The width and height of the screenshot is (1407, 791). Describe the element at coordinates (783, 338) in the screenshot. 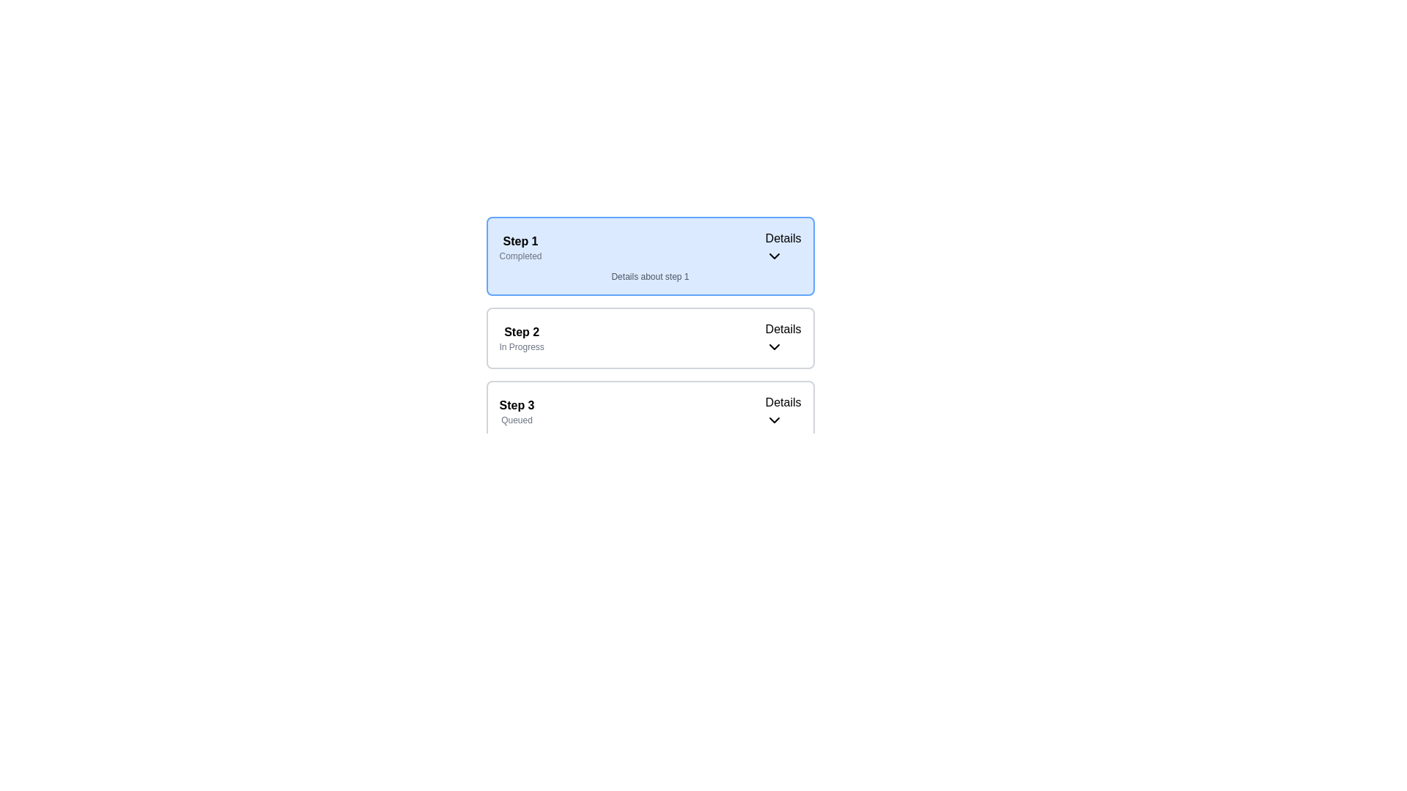

I see `the 'Details' dropdown initiator, which features black text and a downward-pointing chevron icon` at that location.